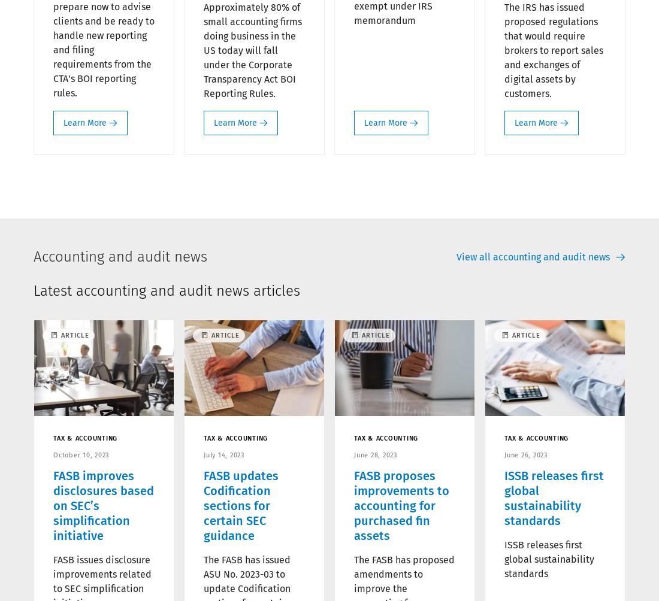 The image size is (659, 601). Describe the element at coordinates (401, 505) in the screenshot. I see `'FASB proposes improvements to accounting for purchased fin assets'` at that location.